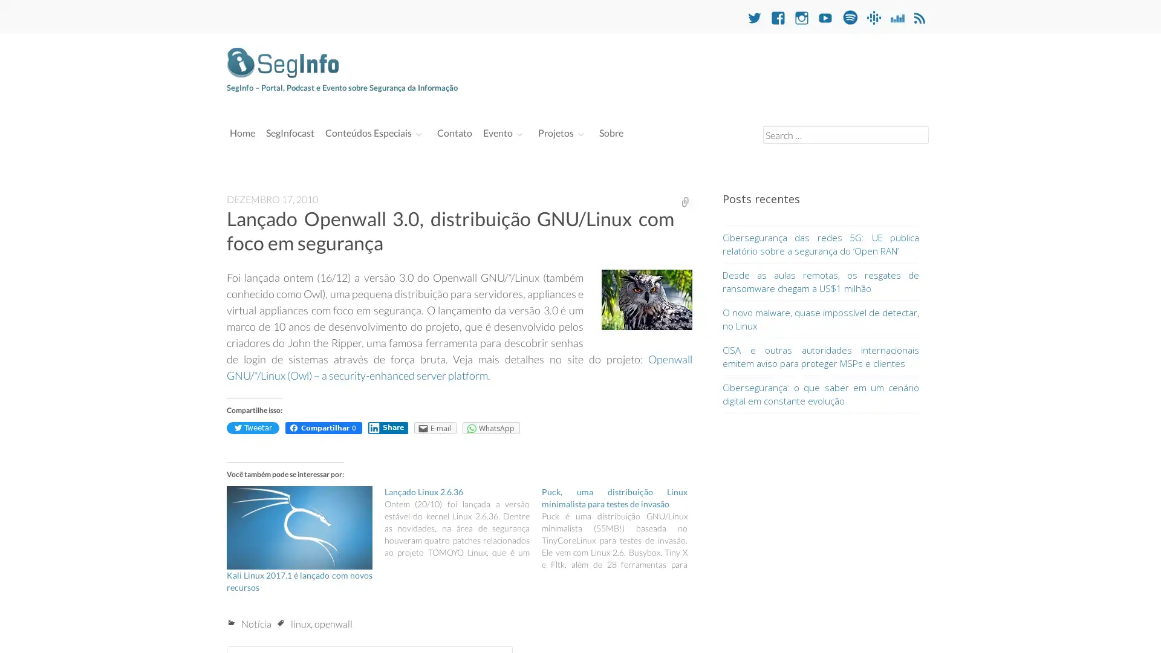 The height and width of the screenshot is (653, 1161). Describe the element at coordinates (388, 427) in the screenshot. I see `Share` at that location.